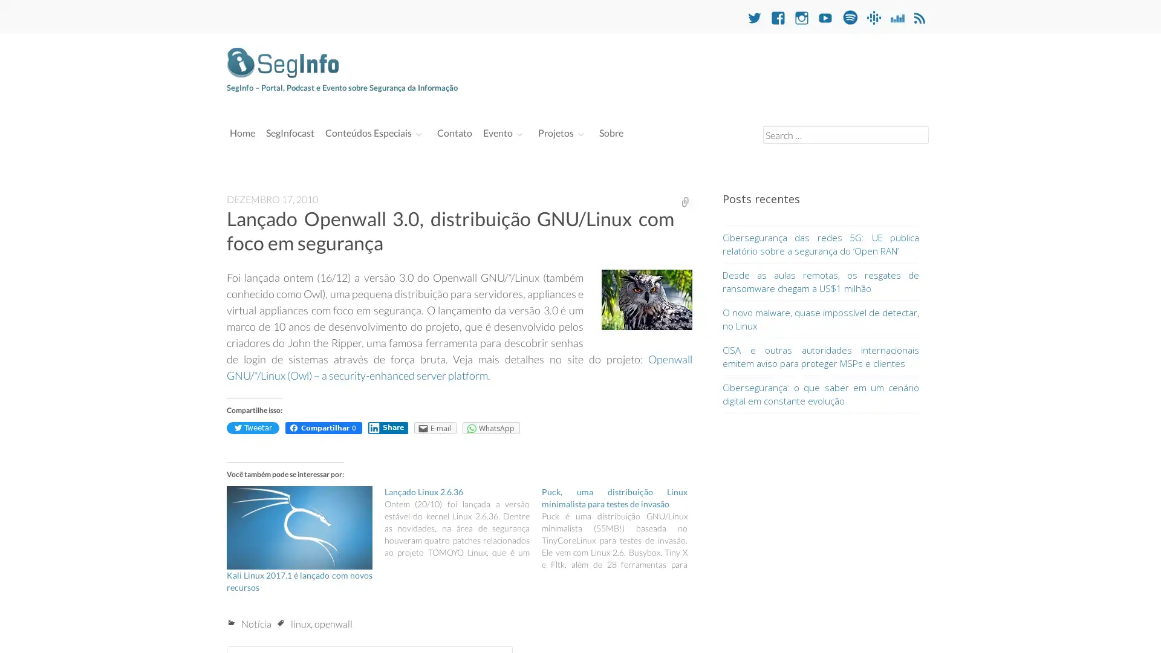 The height and width of the screenshot is (653, 1161). Describe the element at coordinates (388, 427) in the screenshot. I see `Share` at that location.